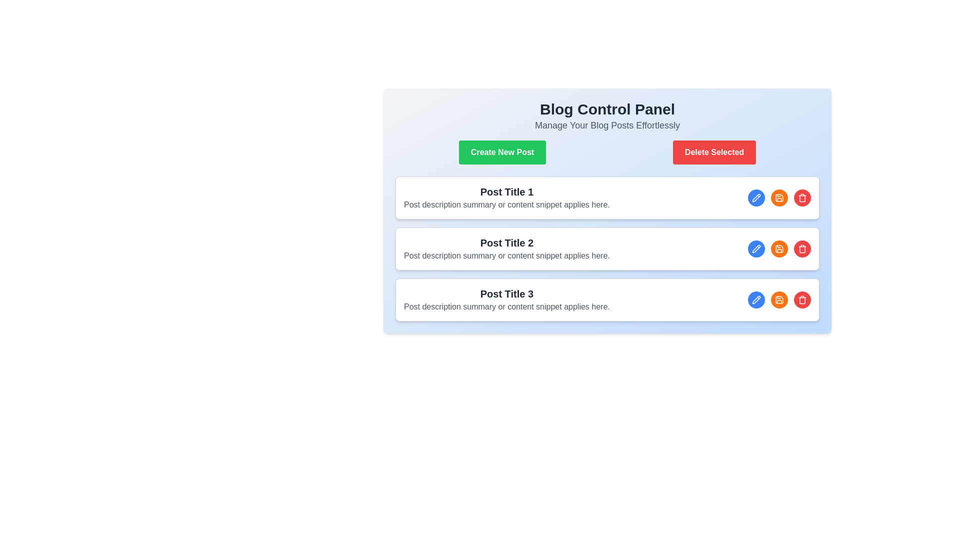 Image resolution: width=960 pixels, height=540 pixels. Describe the element at coordinates (606, 231) in the screenshot. I see `the save icon located within the blog post summary card, which is the second entry in the Blog Control Panel section` at that location.